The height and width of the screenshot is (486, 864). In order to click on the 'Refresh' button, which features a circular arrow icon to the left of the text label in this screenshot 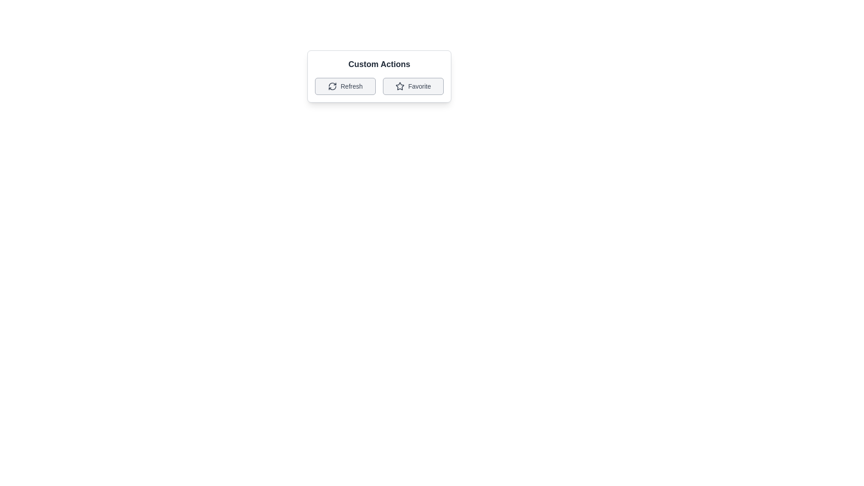, I will do `click(345, 86)`.